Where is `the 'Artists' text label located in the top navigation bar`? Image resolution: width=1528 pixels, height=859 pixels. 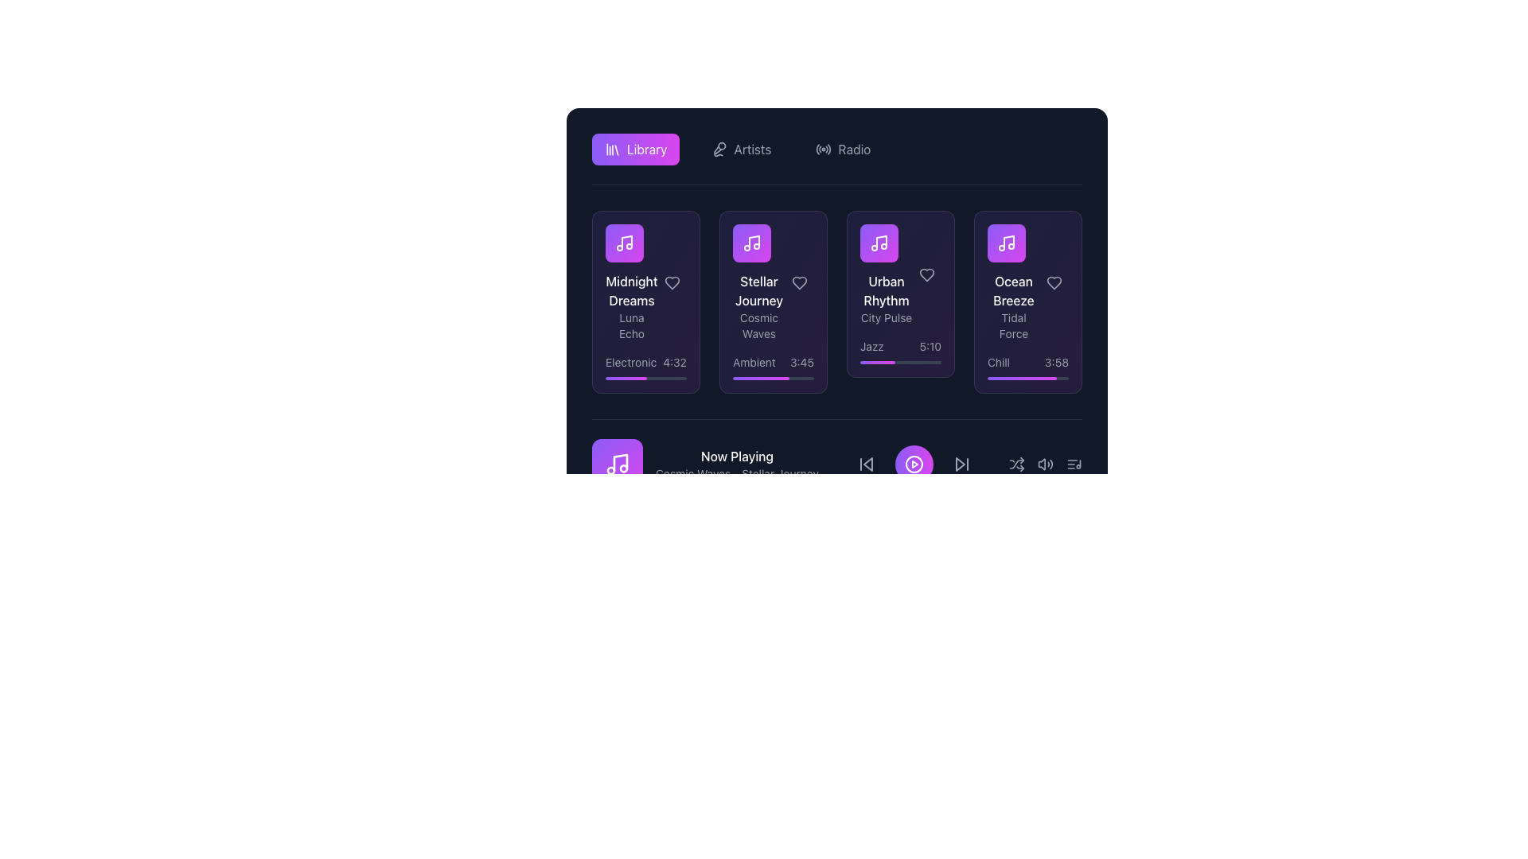
the 'Artists' text label located in the top navigation bar is located at coordinates (751, 150).